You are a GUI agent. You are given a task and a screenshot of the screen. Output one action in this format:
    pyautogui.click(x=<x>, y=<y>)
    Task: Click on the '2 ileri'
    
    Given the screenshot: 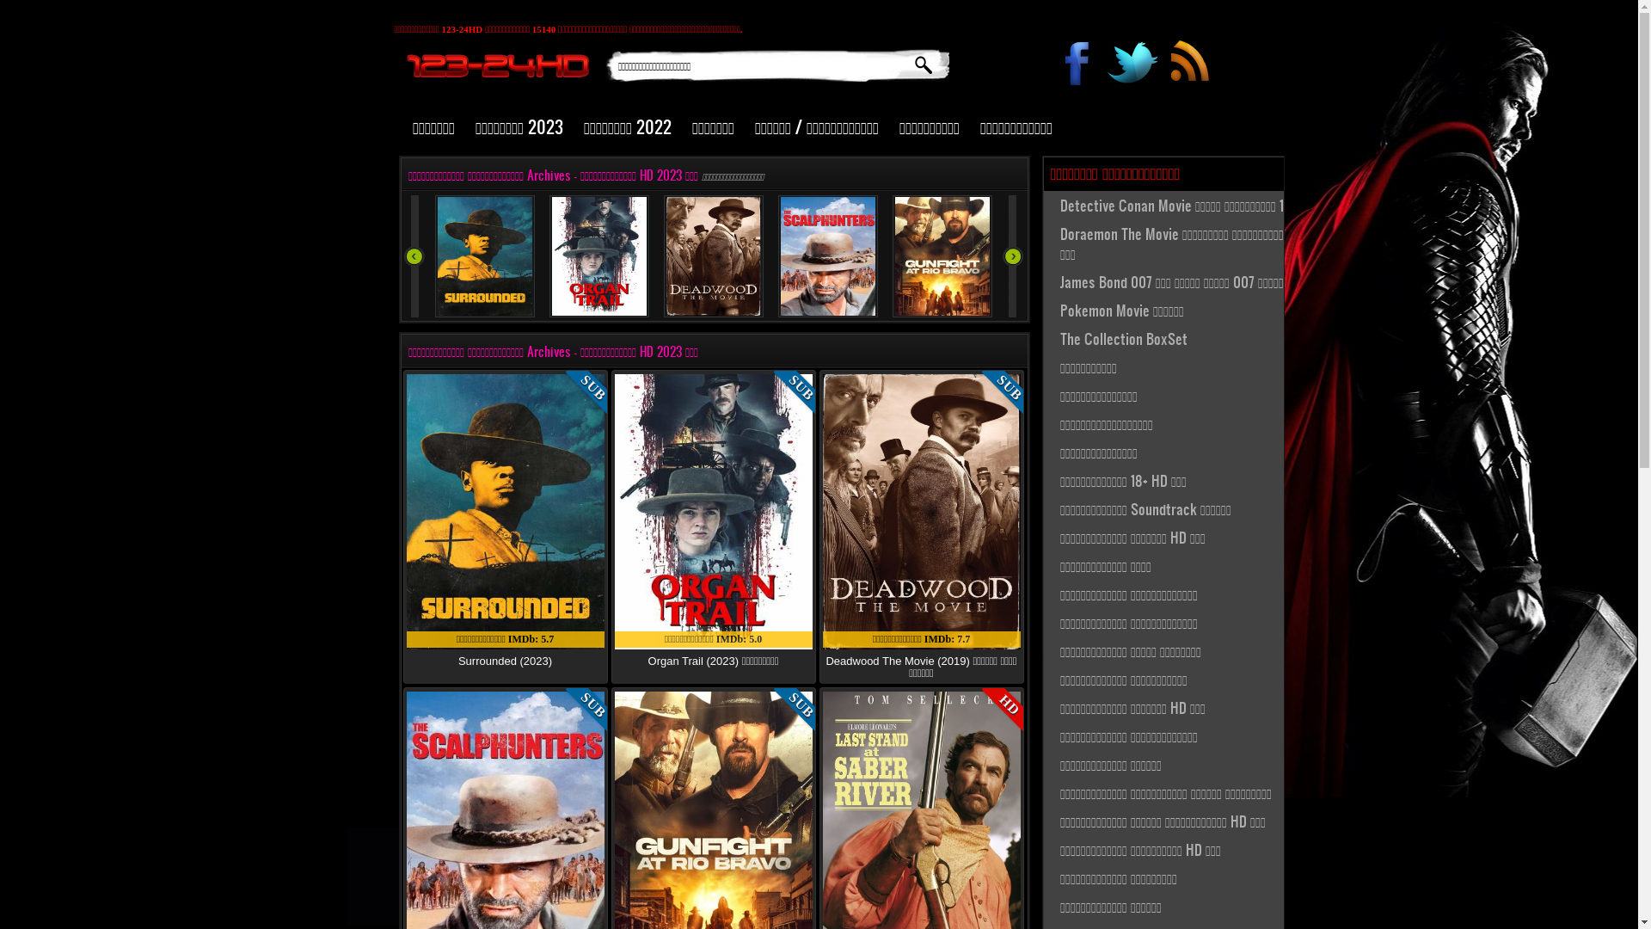 What is the action you would take?
    pyautogui.click(x=1012, y=255)
    